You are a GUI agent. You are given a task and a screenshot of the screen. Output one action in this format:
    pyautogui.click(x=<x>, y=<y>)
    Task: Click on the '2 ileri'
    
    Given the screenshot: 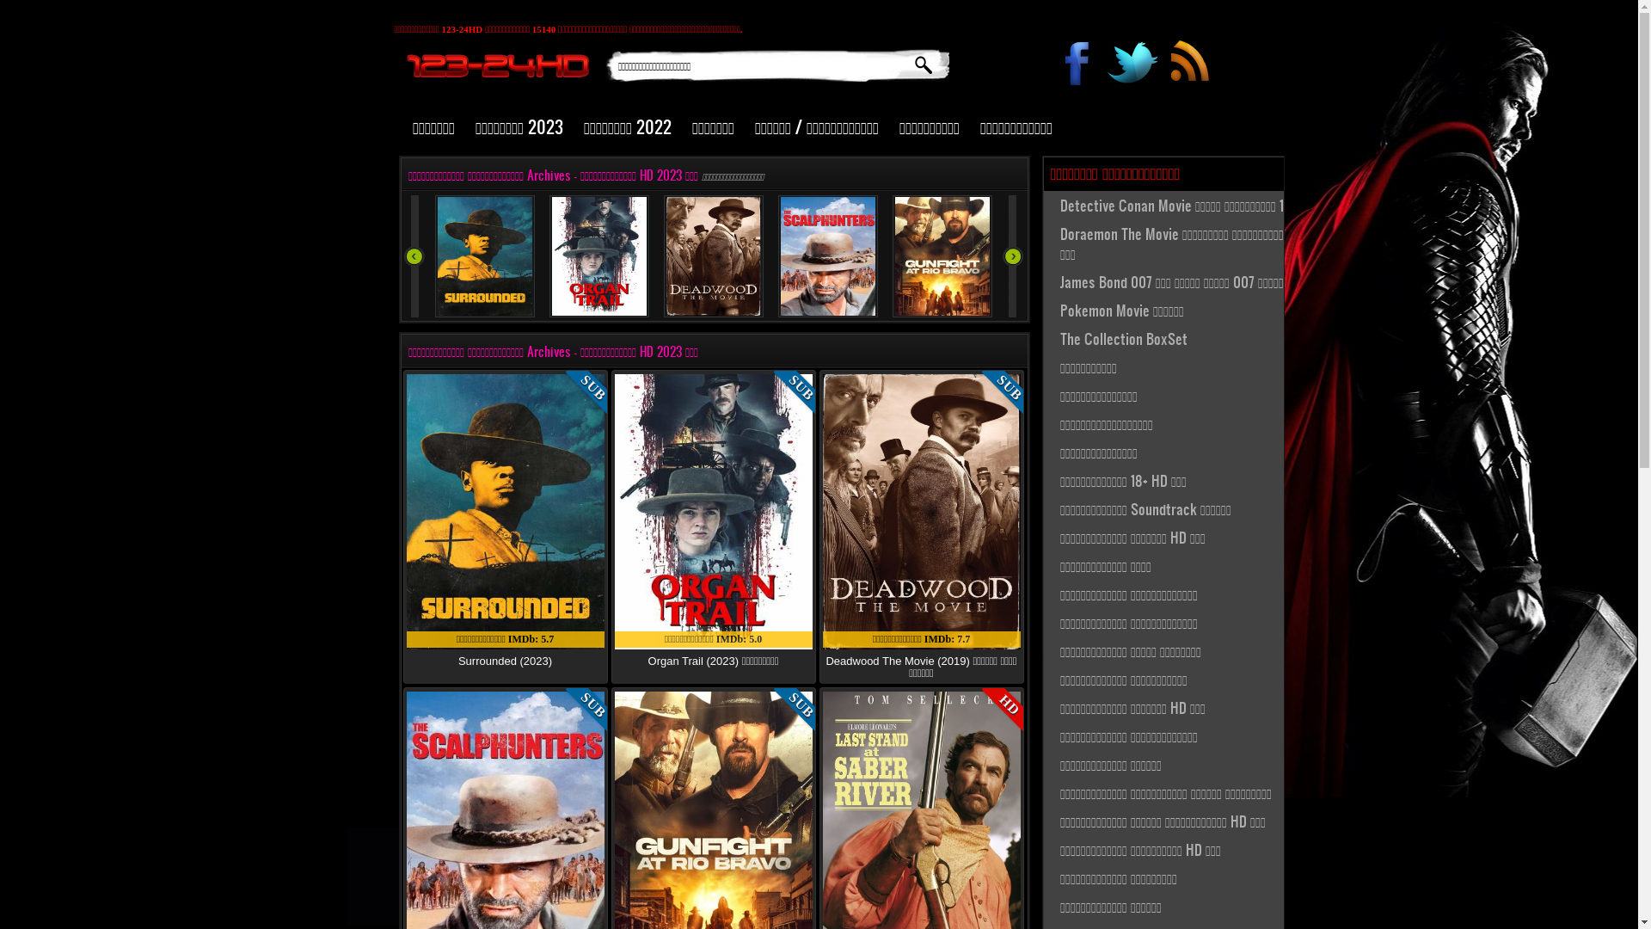 What is the action you would take?
    pyautogui.click(x=1012, y=255)
    